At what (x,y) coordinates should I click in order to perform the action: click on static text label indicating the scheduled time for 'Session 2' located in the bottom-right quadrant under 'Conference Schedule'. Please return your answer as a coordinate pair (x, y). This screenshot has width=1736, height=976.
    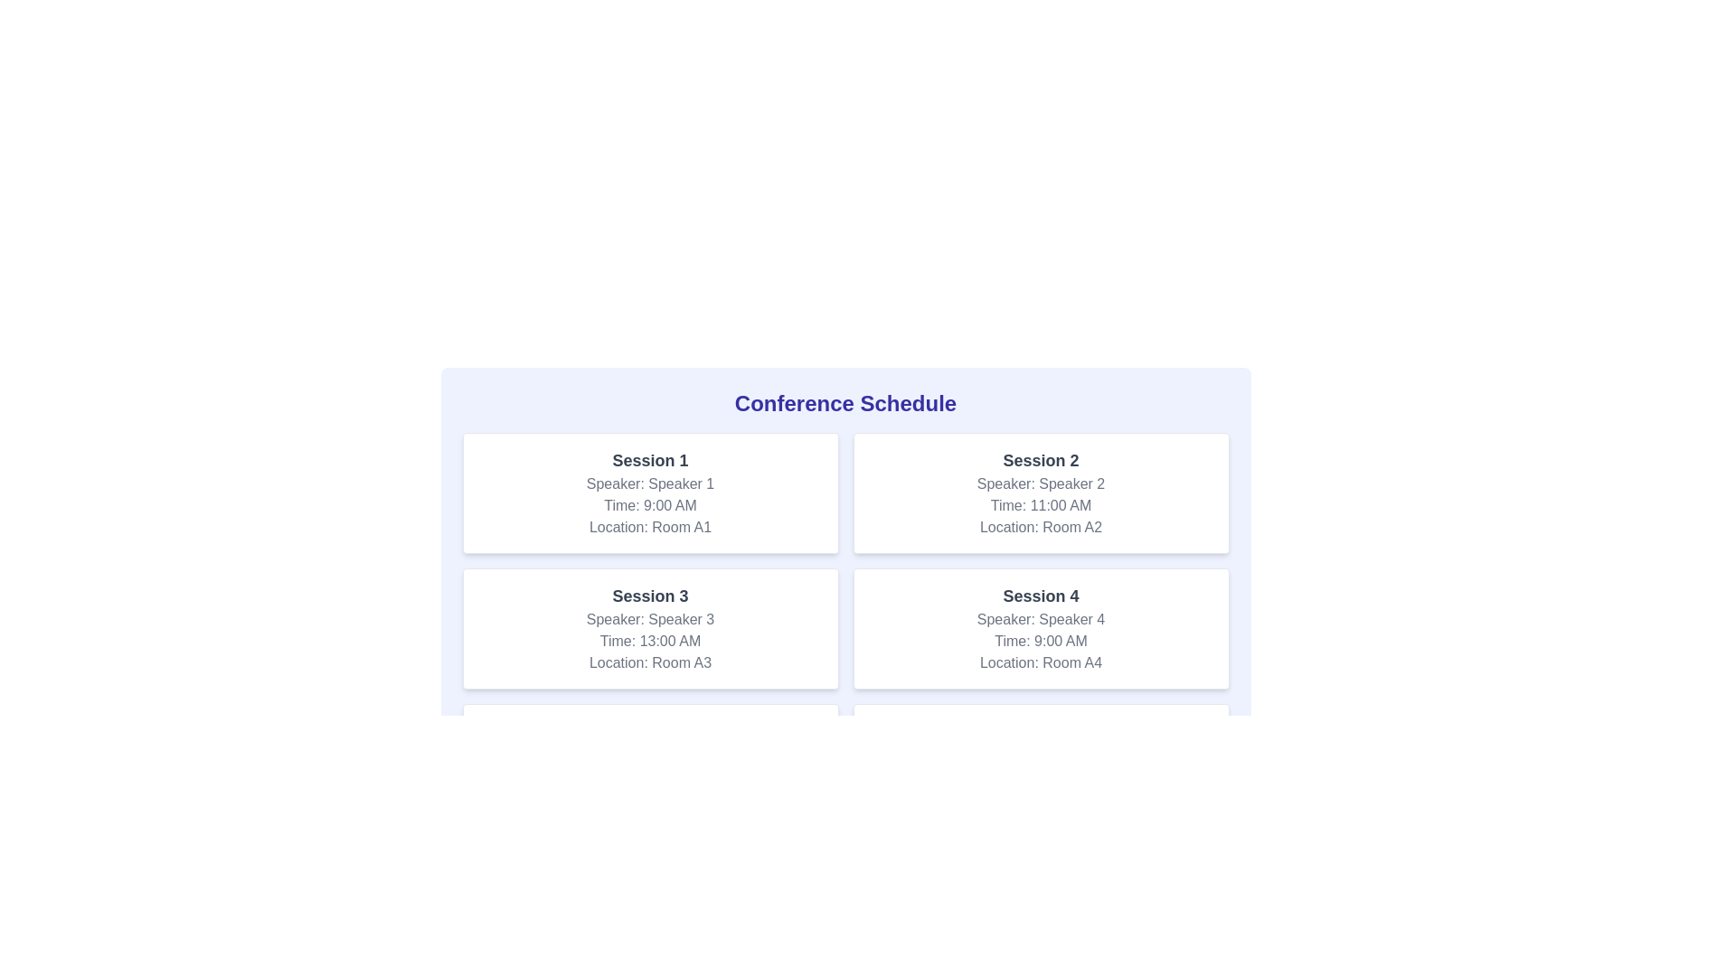
    Looking at the image, I should click on (1041, 505).